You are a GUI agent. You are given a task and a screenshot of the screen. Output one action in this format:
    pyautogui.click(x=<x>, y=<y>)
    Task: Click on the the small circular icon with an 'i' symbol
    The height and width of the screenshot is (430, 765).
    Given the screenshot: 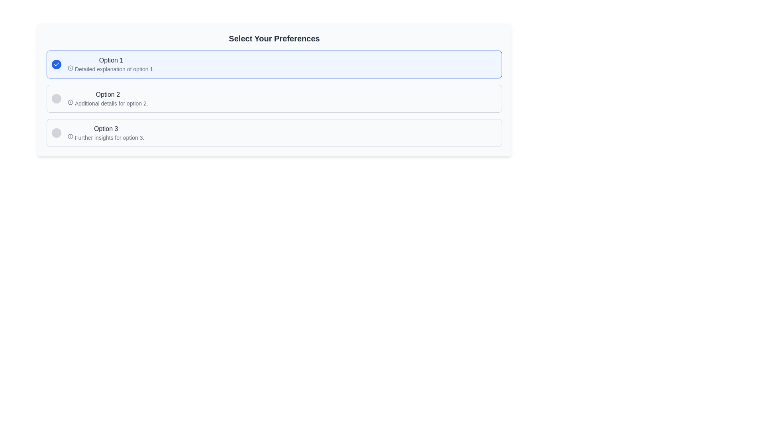 What is the action you would take?
    pyautogui.click(x=71, y=67)
    